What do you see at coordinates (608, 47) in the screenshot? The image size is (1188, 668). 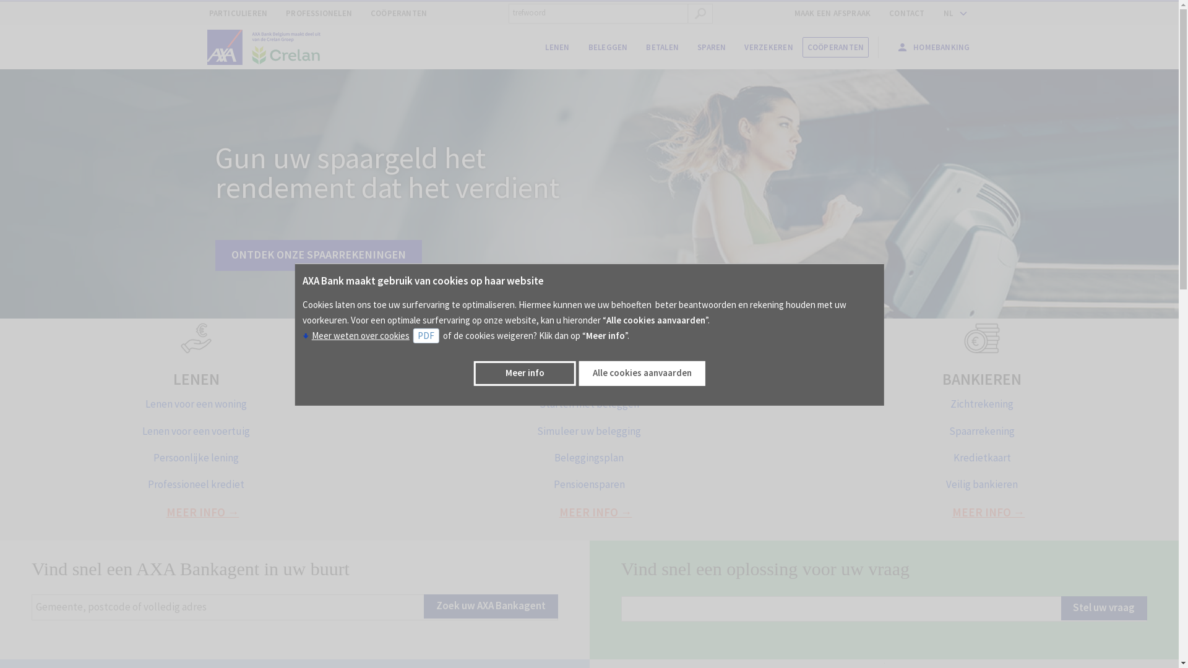 I see `'BELEGGEN'` at bounding box center [608, 47].